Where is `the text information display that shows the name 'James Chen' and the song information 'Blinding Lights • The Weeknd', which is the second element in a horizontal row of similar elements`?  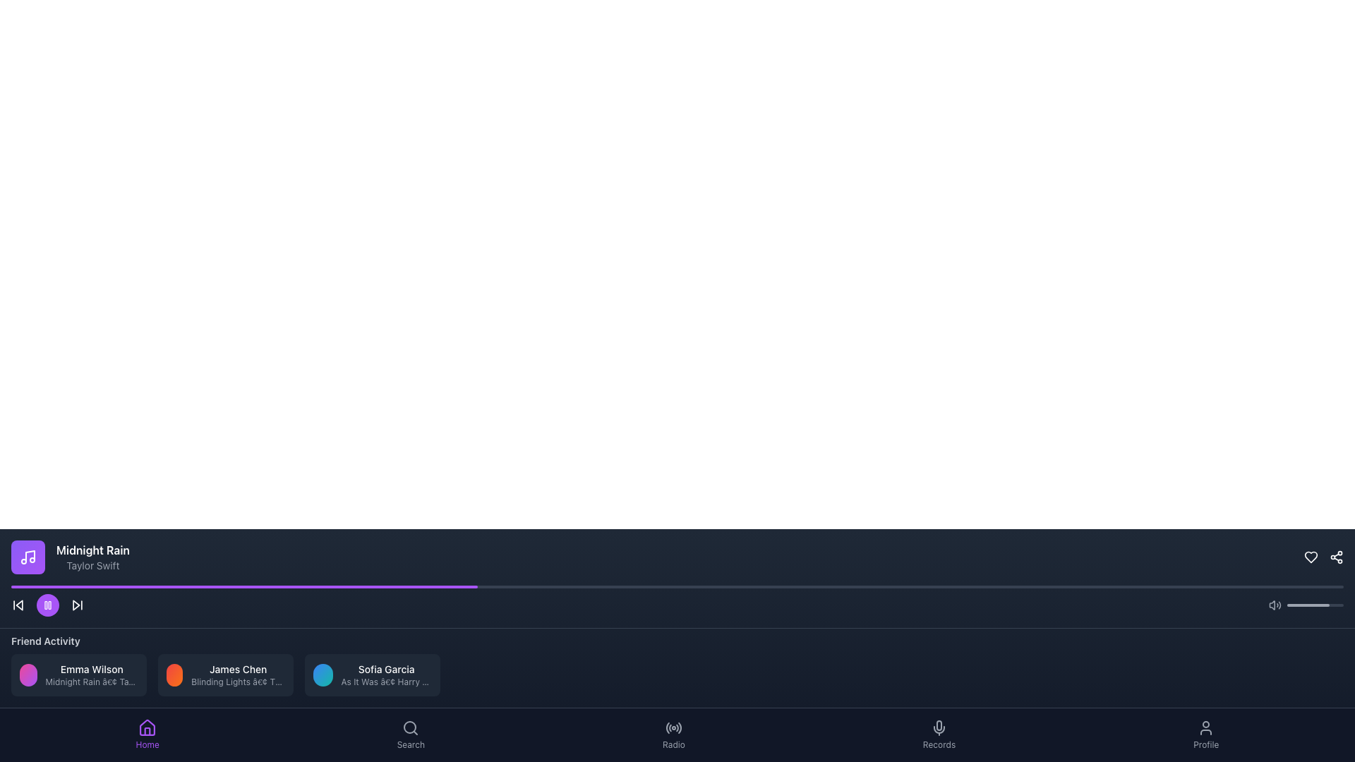
the text information display that shows the name 'James Chen' and the song information 'Blinding Lights • The Weeknd', which is the second element in a horizontal row of similar elements is located at coordinates (238, 674).